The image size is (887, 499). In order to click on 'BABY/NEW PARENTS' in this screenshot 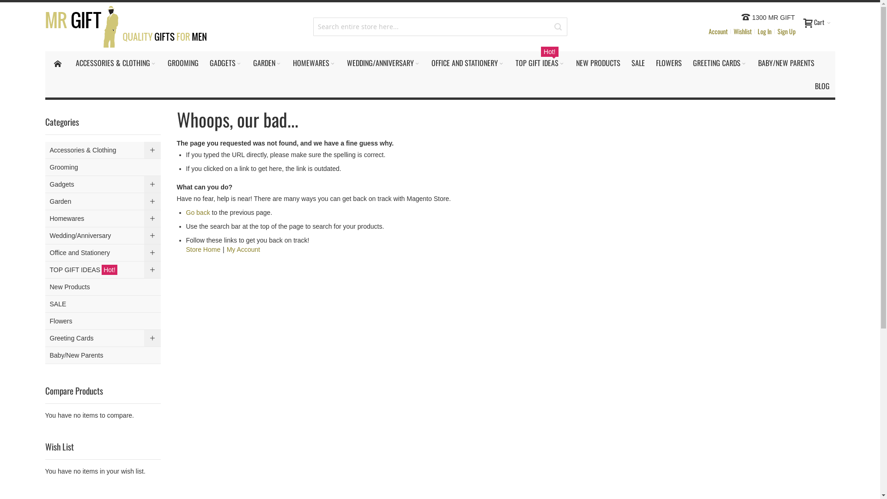, I will do `click(752, 62)`.